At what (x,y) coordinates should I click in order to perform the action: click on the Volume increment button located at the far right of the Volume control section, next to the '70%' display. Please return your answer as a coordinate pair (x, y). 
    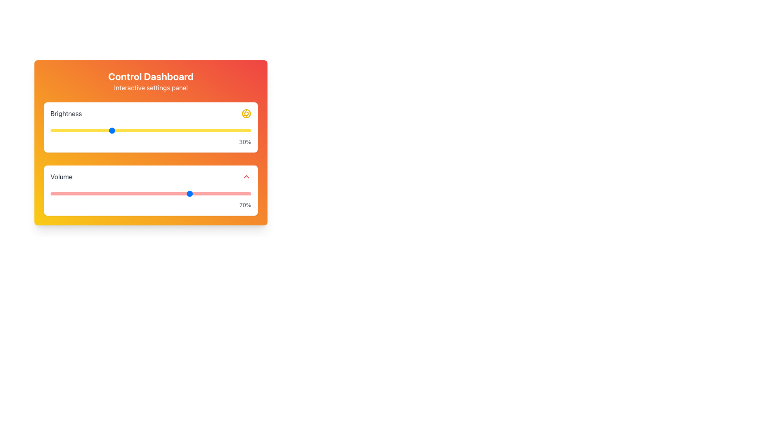
    Looking at the image, I should click on (246, 176).